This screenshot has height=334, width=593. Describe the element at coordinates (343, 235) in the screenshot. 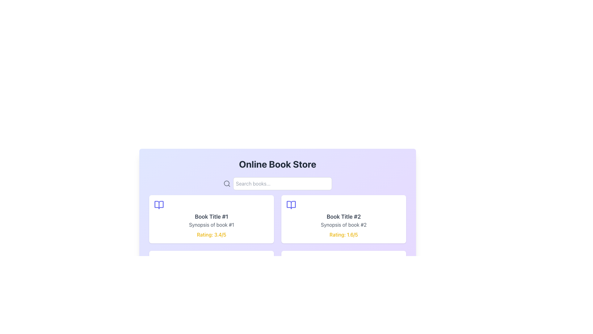

I see `the Text Display element that shows the user rating for the book 'Book Title #2', located at the bottom of the right-hand card in the grid of book cards` at that location.